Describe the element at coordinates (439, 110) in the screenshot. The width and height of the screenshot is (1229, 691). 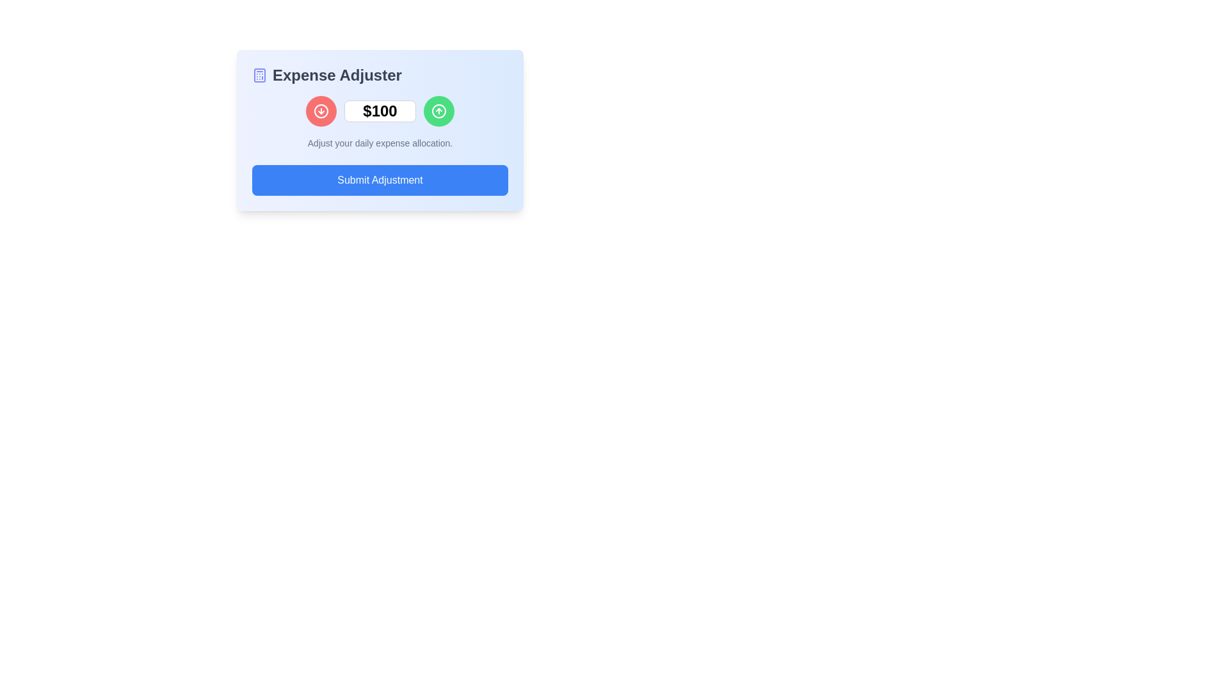
I see `the rightmost button with a green background containing an upward arrow icon to observe visual feedback` at that location.